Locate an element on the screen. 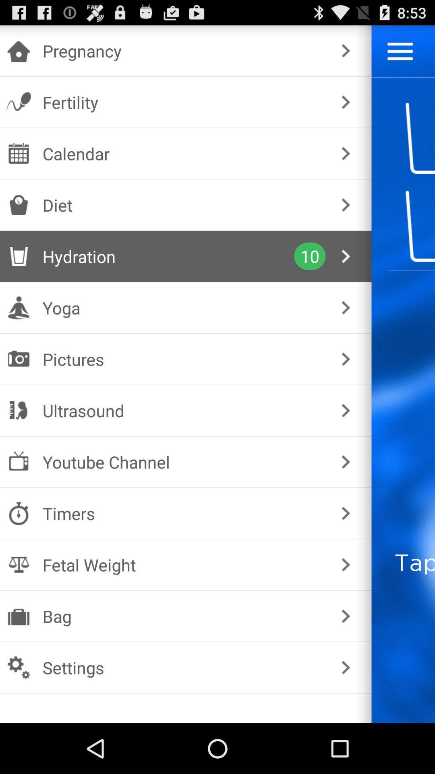  ultrasound item is located at coordinates (184, 410).